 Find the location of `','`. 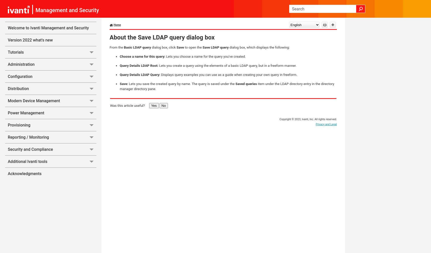

',' is located at coordinates (301, 119).